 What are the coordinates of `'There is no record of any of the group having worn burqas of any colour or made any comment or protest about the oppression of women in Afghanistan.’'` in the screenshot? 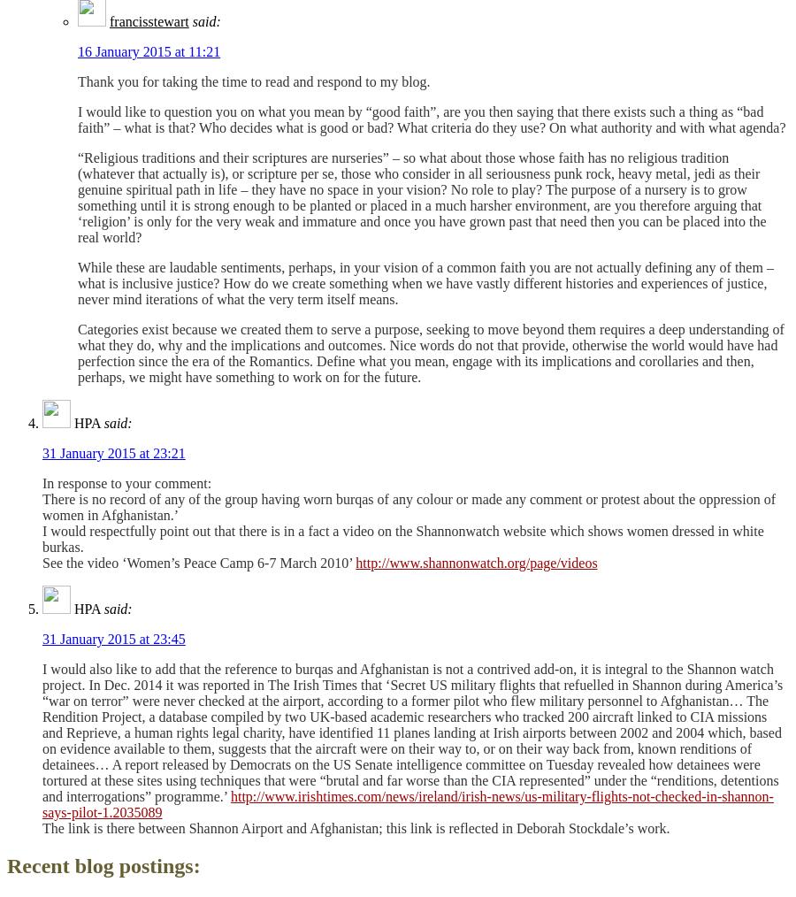 It's located at (408, 506).